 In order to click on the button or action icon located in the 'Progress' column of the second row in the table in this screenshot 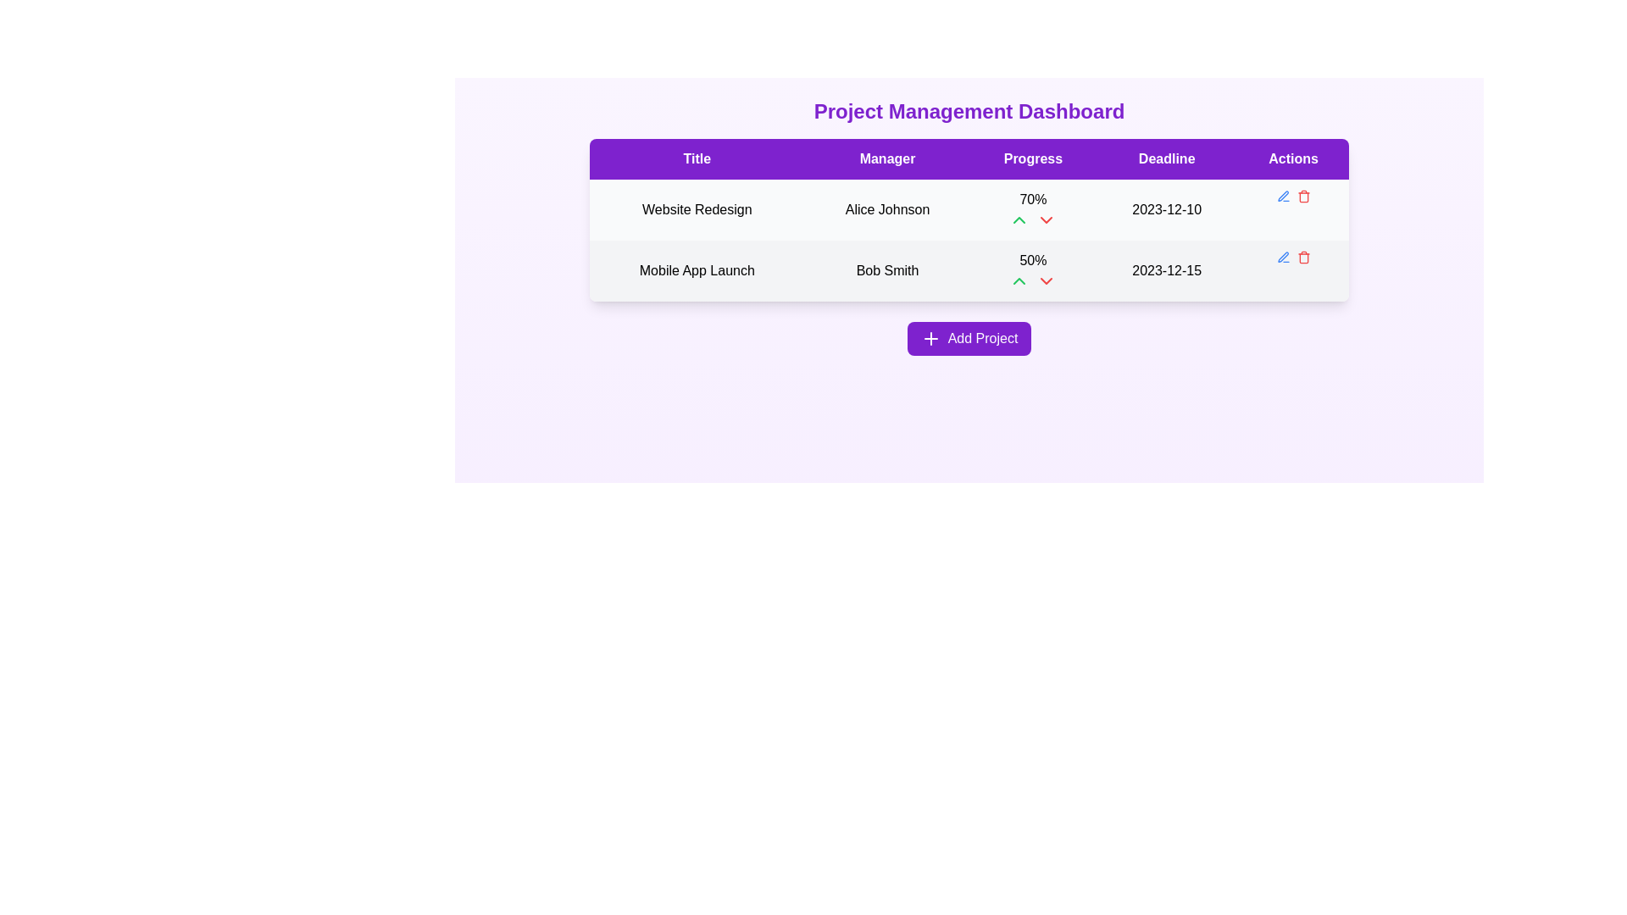, I will do `click(1019, 280)`.